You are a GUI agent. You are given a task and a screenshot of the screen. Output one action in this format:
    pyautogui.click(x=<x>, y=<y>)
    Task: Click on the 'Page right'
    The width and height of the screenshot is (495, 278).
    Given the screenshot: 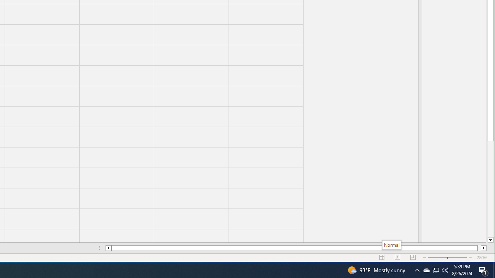 What is the action you would take?
    pyautogui.click(x=479, y=248)
    